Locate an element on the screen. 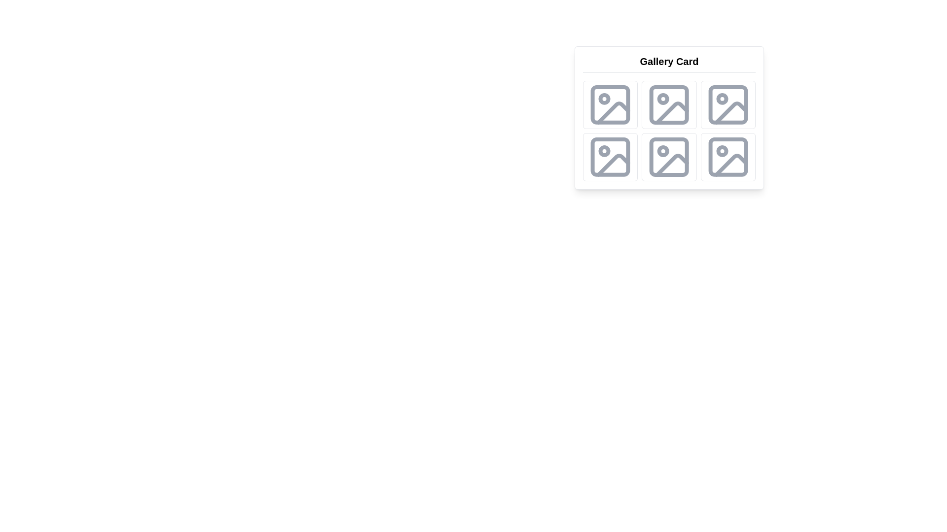 The height and width of the screenshot is (532, 947). the small circular ornament within the image icon located in the second card of the top row in the 'Gallery Card' layout is located at coordinates (663, 99).